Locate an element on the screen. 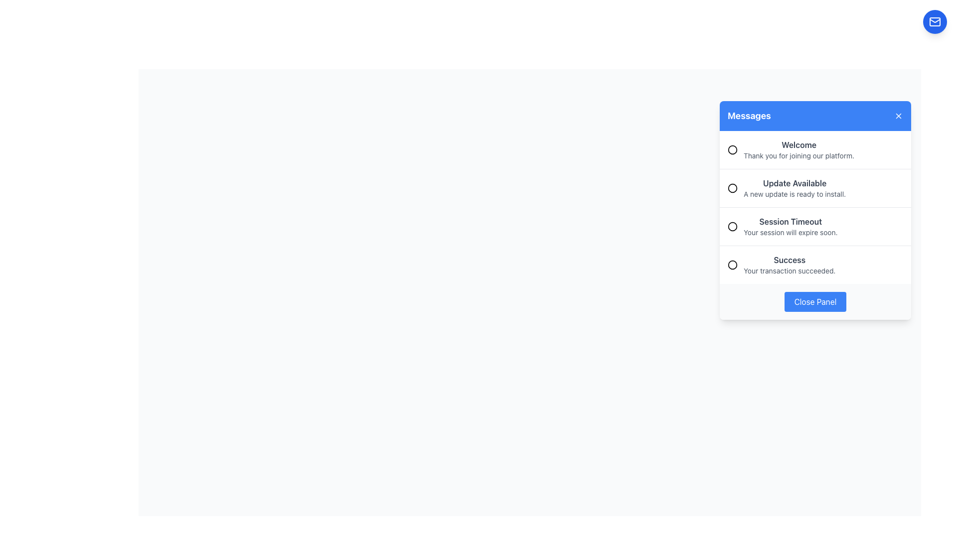 This screenshot has width=957, height=538. the green success circular icon located in the lower right section of the interface, next to the text 'Success: Your transaction succeeded.' is located at coordinates (732, 265).